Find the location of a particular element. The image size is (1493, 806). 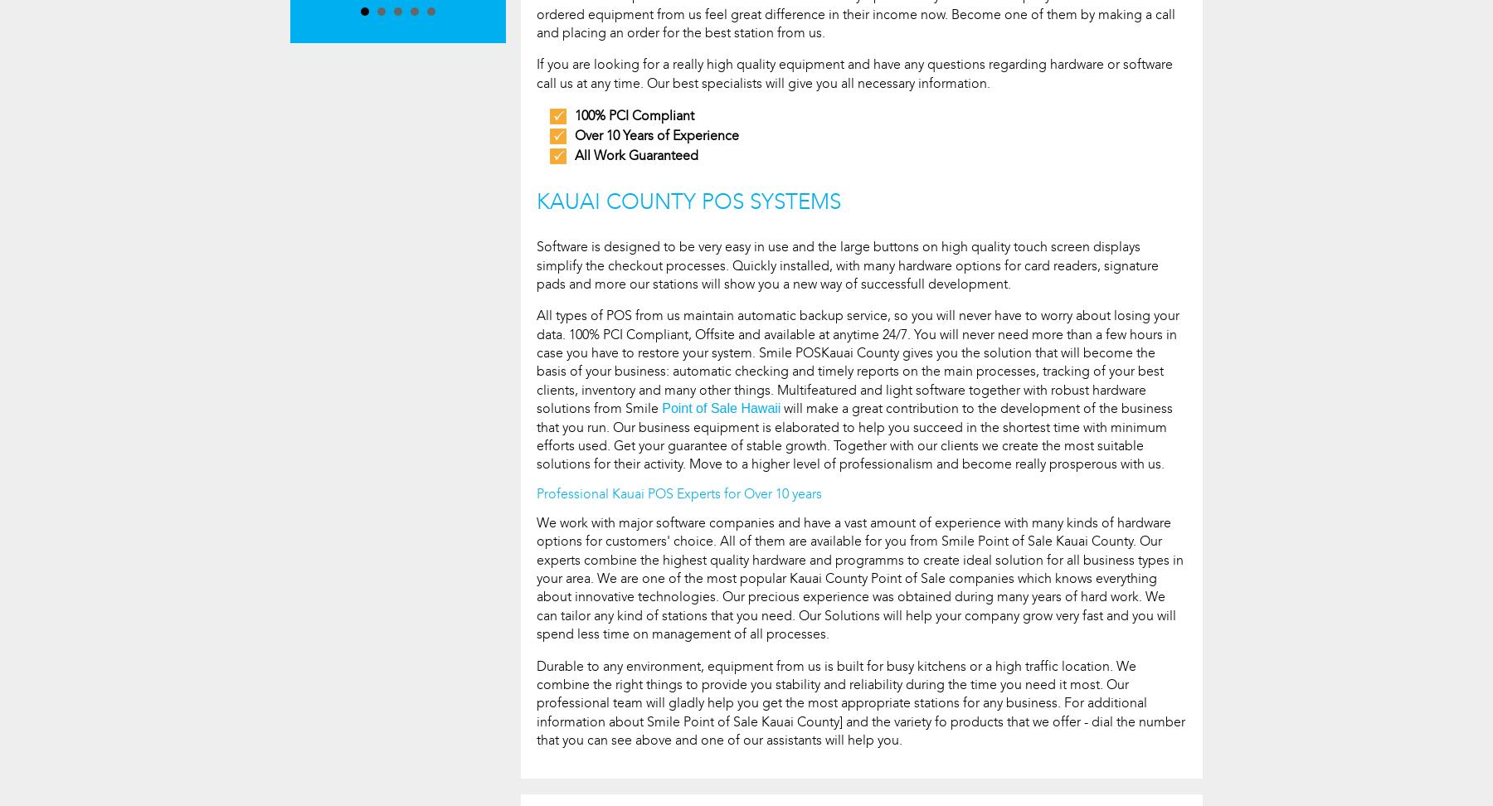

'Kauai County POS Systems' is located at coordinates (688, 200).